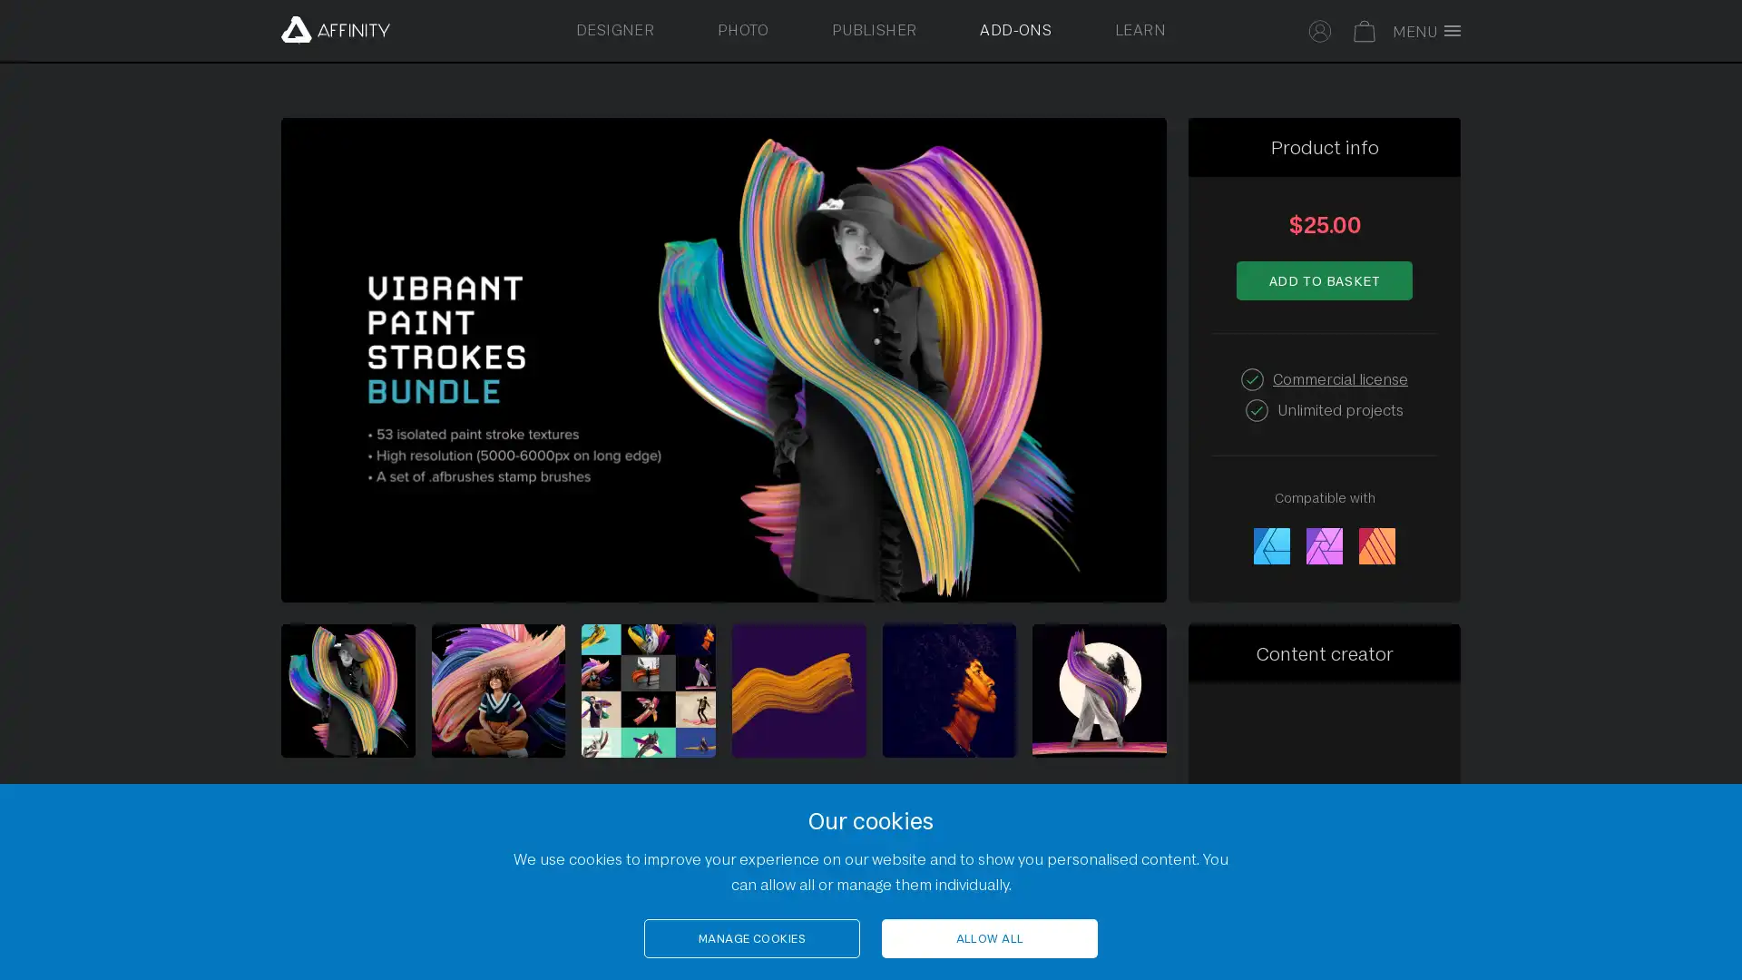 The height and width of the screenshot is (980, 1742). I want to click on Select to sign in to your Affinity account, so click(1320, 28).